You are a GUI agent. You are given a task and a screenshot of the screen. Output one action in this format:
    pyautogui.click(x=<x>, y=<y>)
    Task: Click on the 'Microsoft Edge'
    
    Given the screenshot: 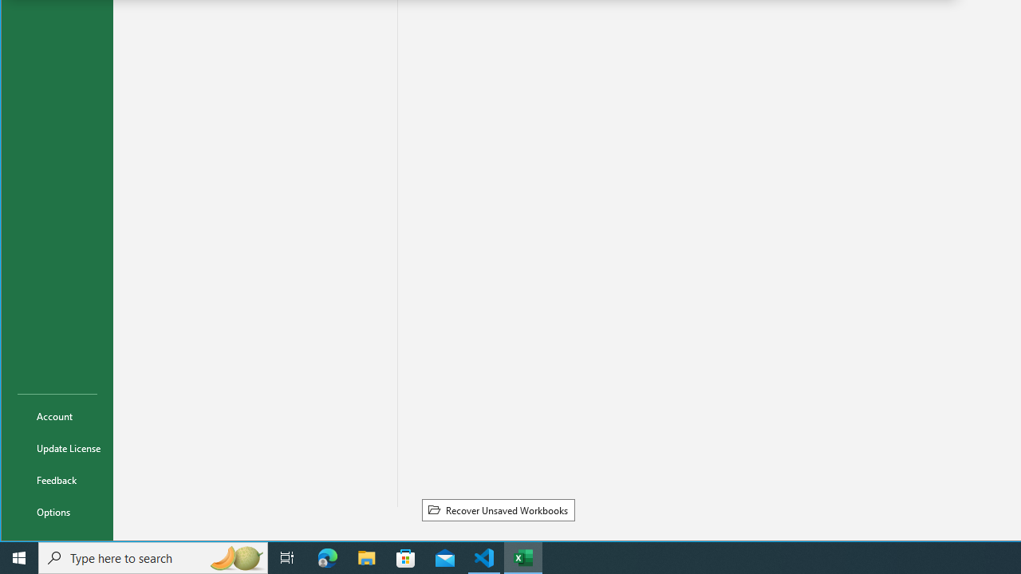 What is the action you would take?
    pyautogui.click(x=327, y=556)
    